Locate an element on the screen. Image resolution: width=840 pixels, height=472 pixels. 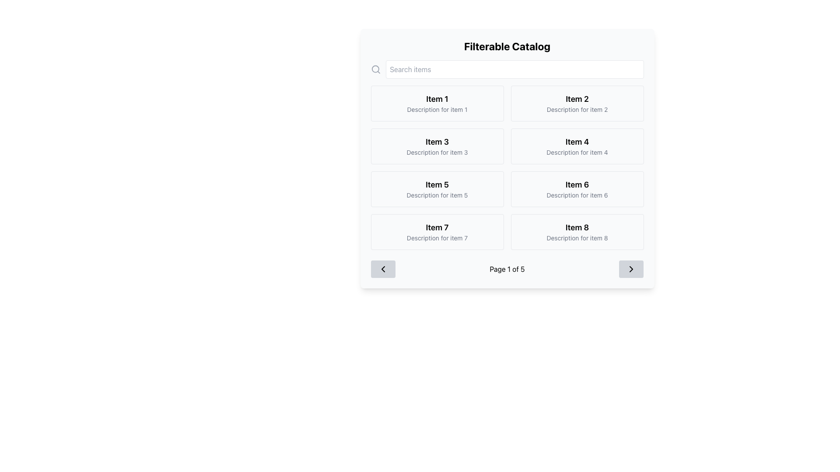
the Text Label that provides supplementary details for 'Item 5', positioned directly beneath the bold 'Item 5' text is located at coordinates (437, 195).